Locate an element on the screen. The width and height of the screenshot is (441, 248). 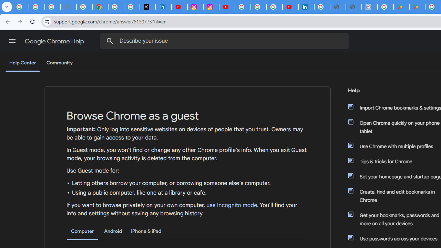
'Main menu' is located at coordinates (12, 41).